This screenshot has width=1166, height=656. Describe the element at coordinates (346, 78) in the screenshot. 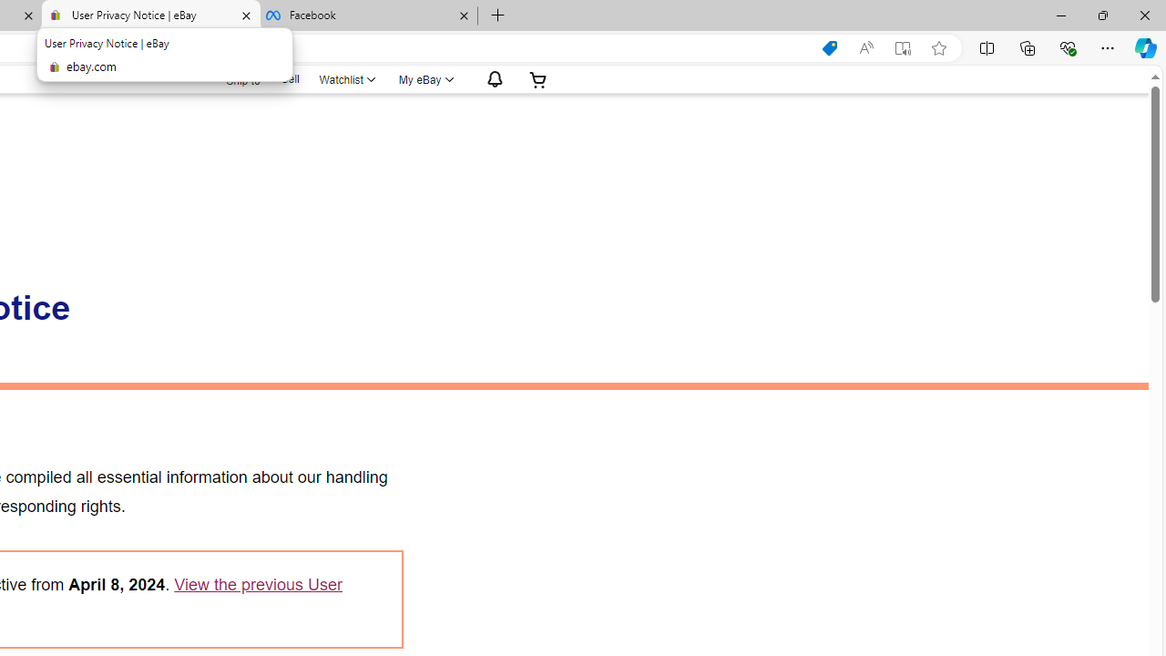

I see `'Watchlist'` at that location.